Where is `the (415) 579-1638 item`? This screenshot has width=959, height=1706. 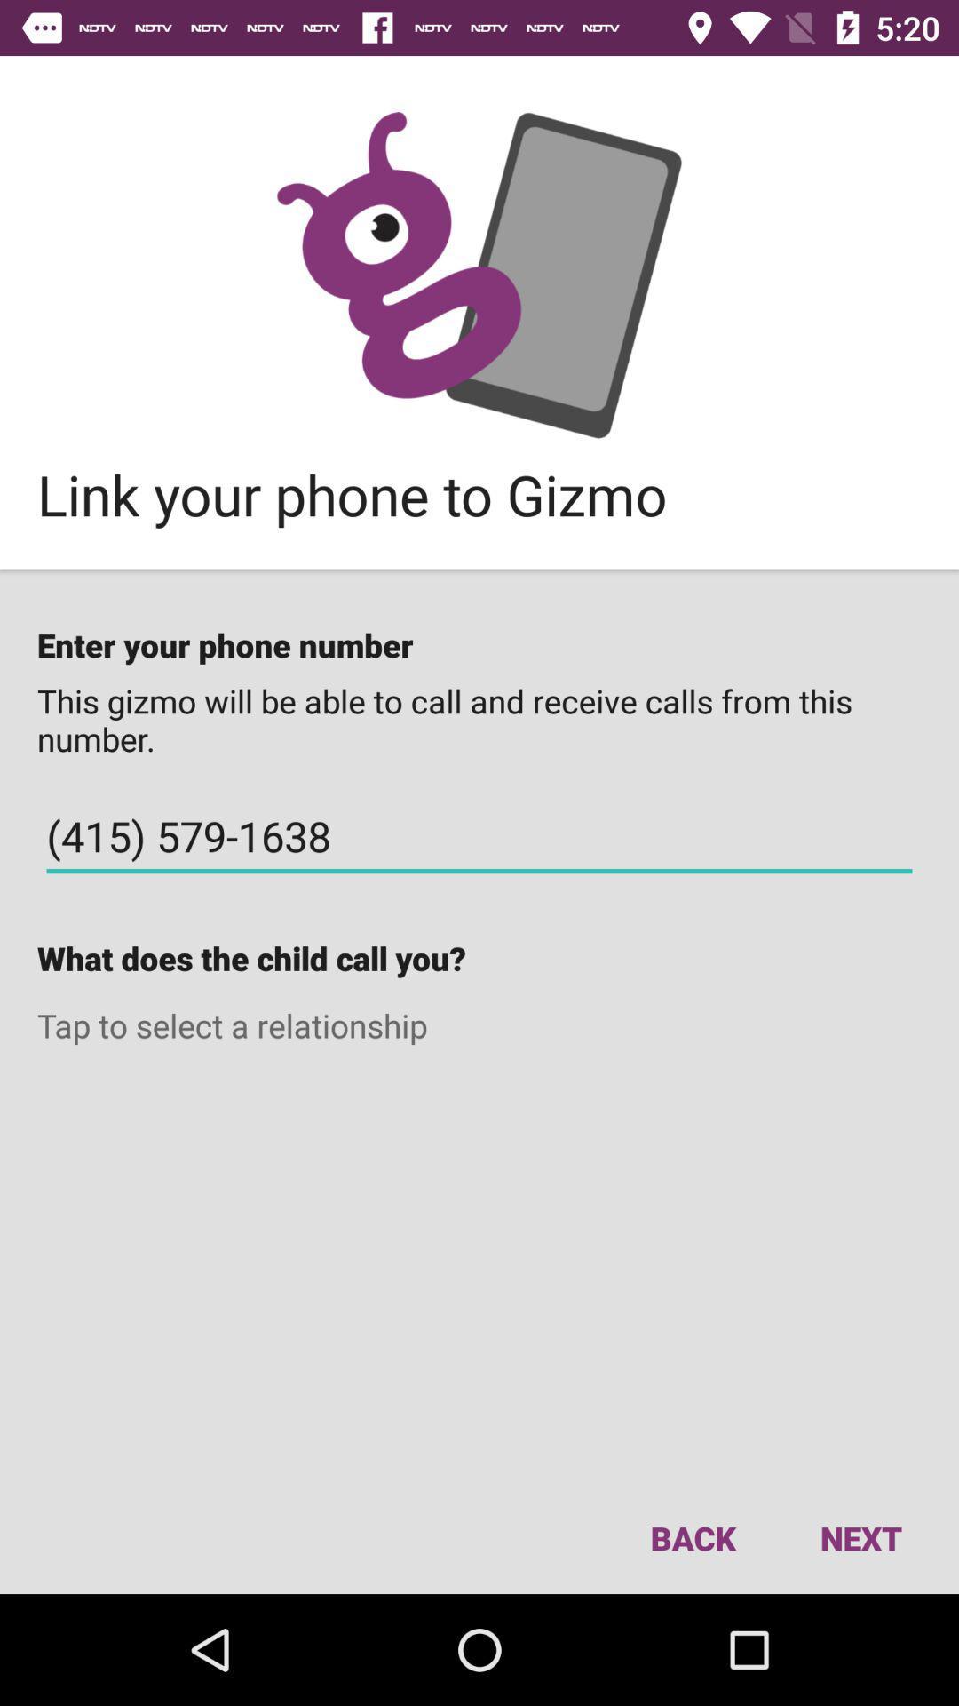 the (415) 579-1638 item is located at coordinates (479, 835).